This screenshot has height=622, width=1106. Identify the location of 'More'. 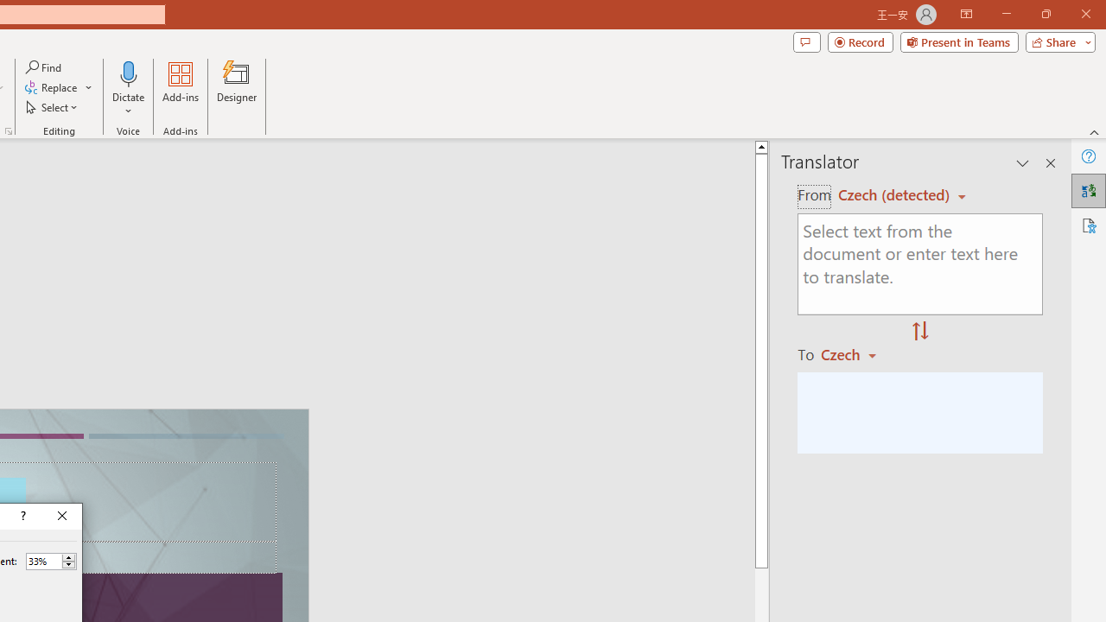
(68, 557).